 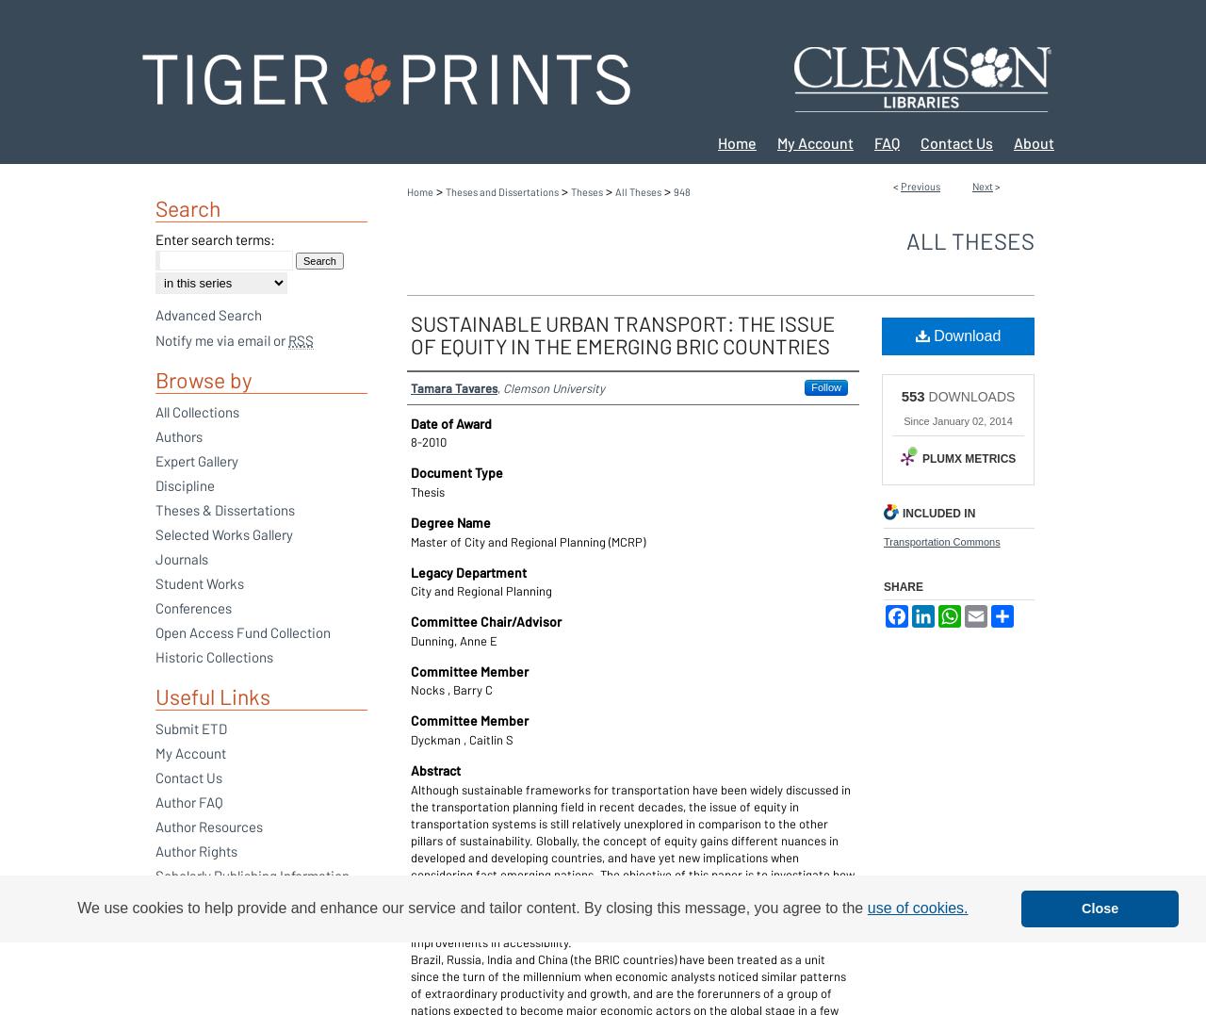 What do you see at coordinates (553, 386) in the screenshot?
I see `'Clemson University'` at bounding box center [553, 386].